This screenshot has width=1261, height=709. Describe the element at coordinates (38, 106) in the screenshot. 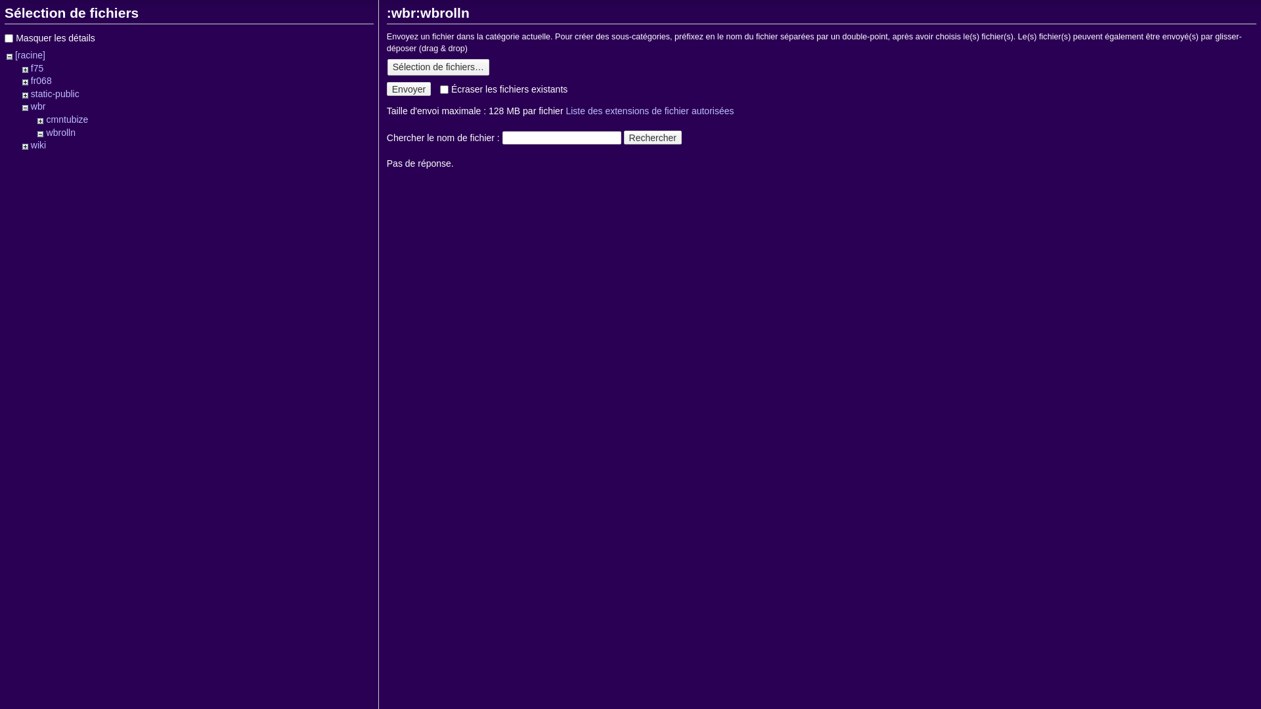

I see `'wbr'` at that location.